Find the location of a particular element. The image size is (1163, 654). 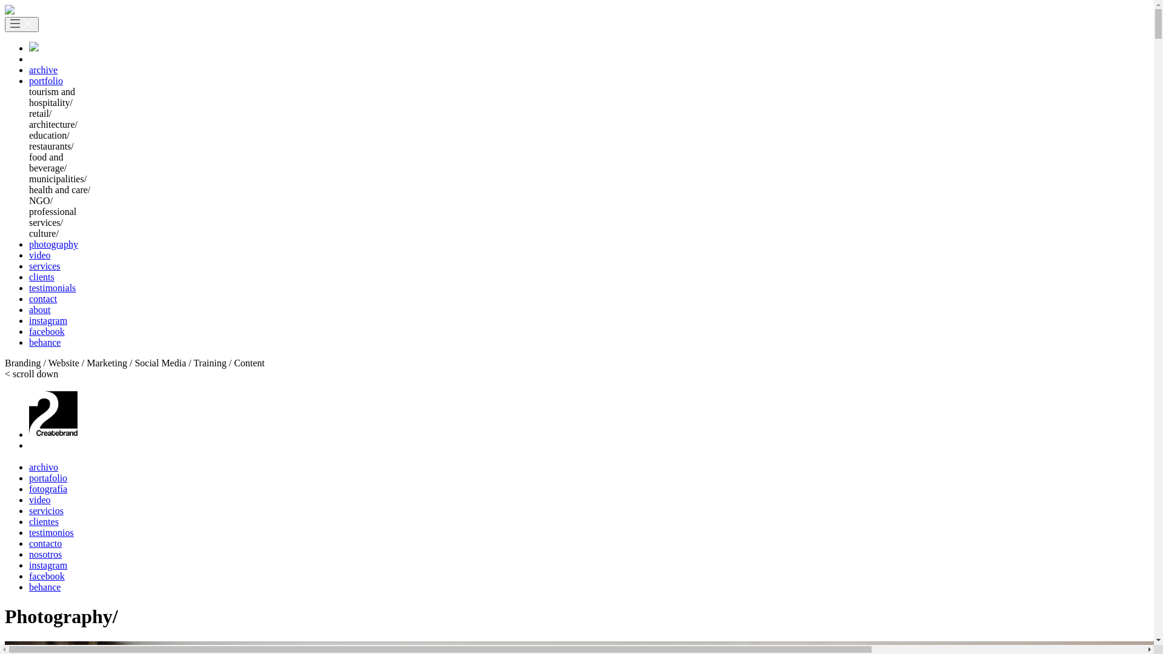

'video' is located at coordinates (40, 254).